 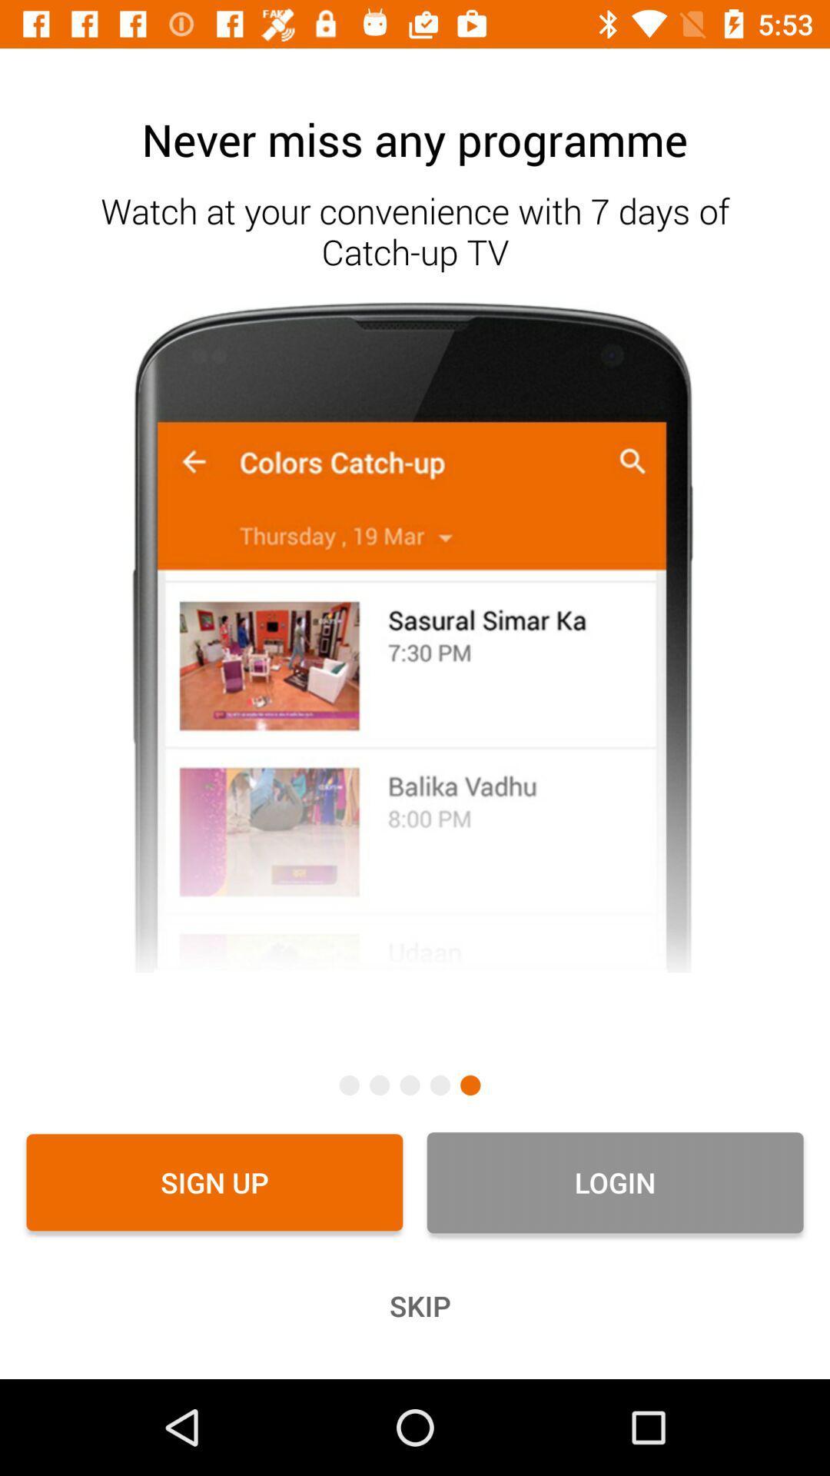 What do you see at coordinates (614, 1182) in the screenshot?
I see `icon at the bottom right corner` at bounding box center [614, 1182].